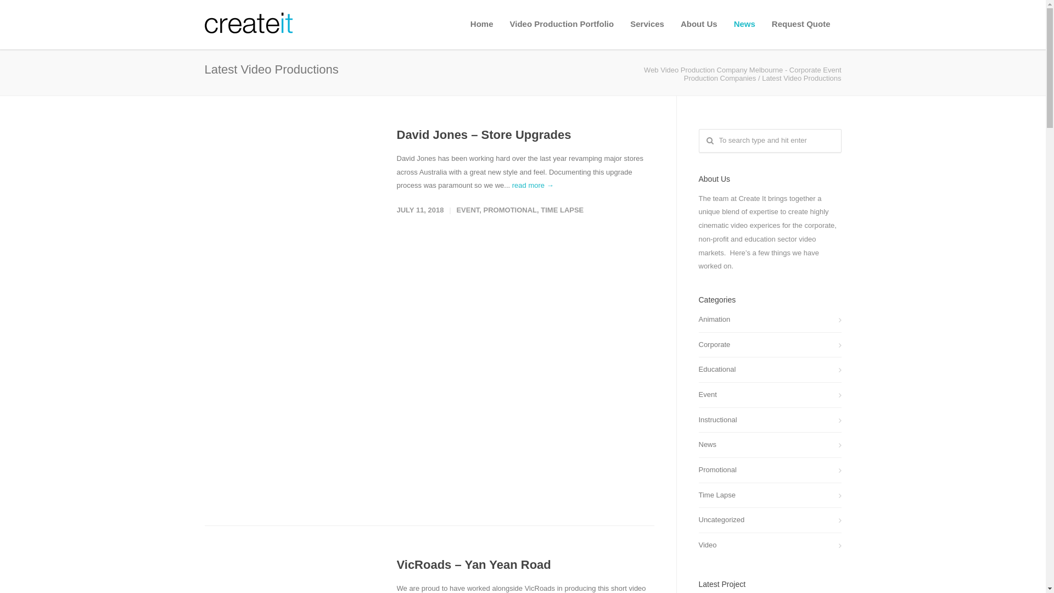  I want to click on 'EVENT', so click(467, 210).